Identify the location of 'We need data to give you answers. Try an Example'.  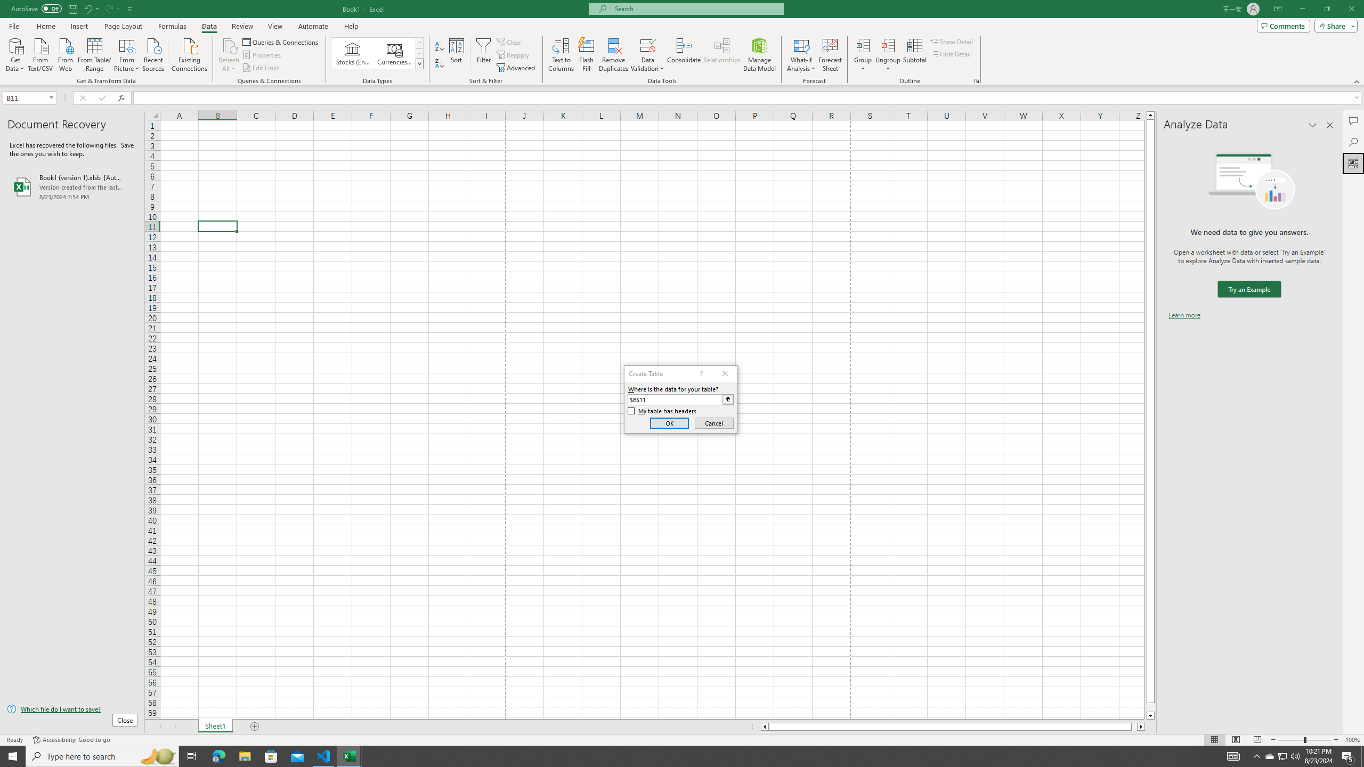
(1248, 289).